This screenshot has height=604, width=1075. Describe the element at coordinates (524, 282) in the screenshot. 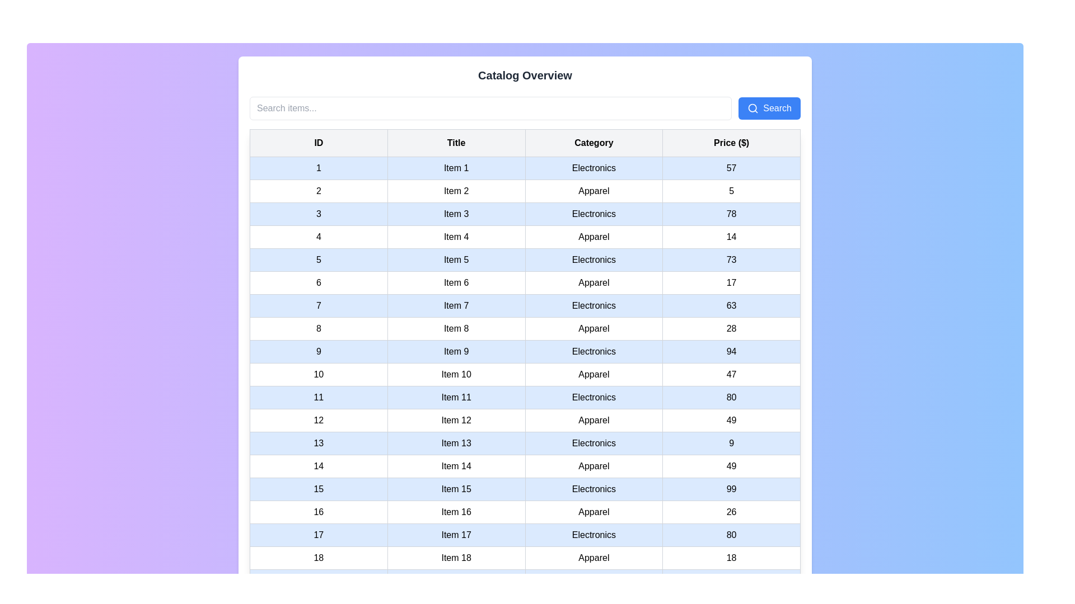

I see `the sixth entry in the catalog table, which contains data about the item including its ID, name, category, and price` at that location.